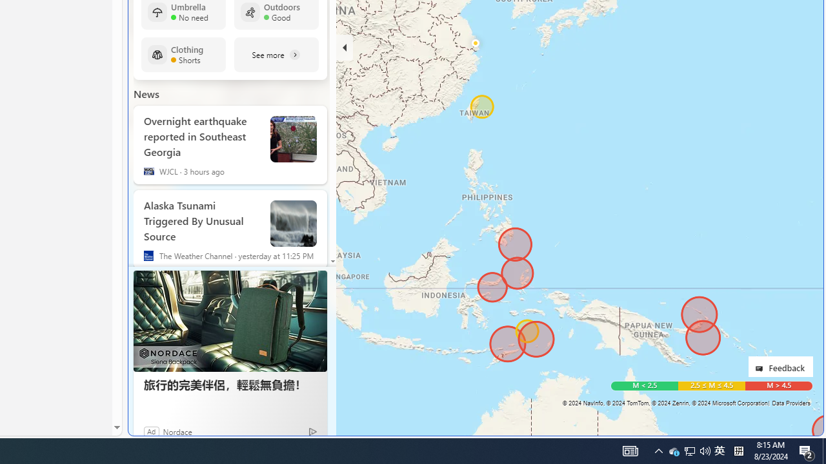 The image size is (826, 464). What do you see at coordinates (780, 366) in the screenshot?
I see `'Feedback'` at bounding box center [780, 366].